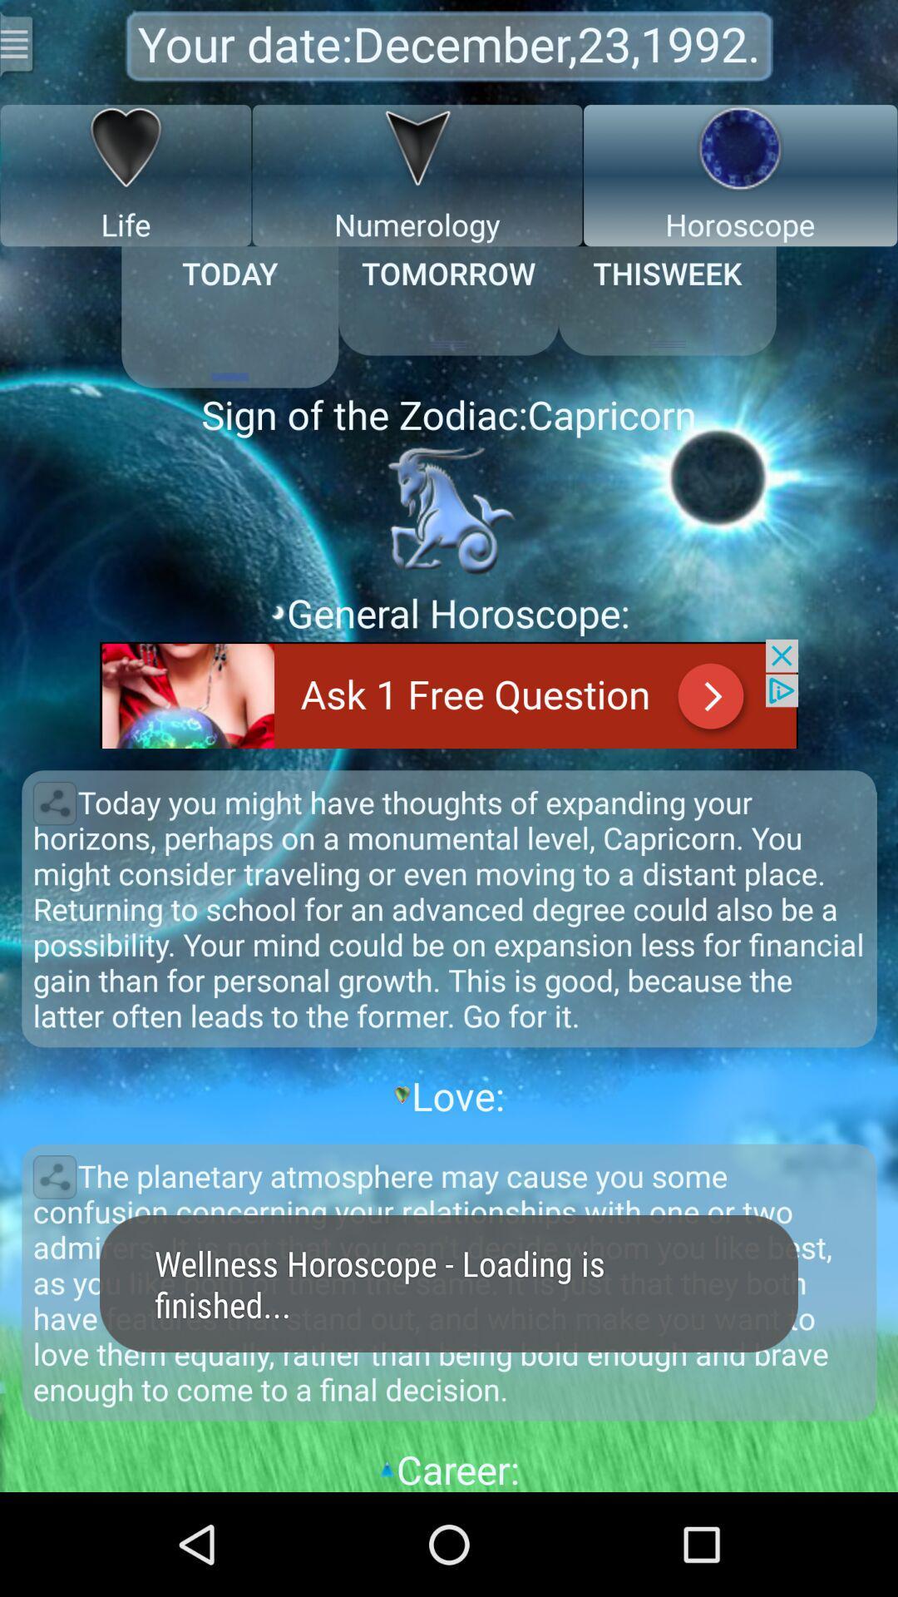  I want to click on the share icon, so click(53, 859).